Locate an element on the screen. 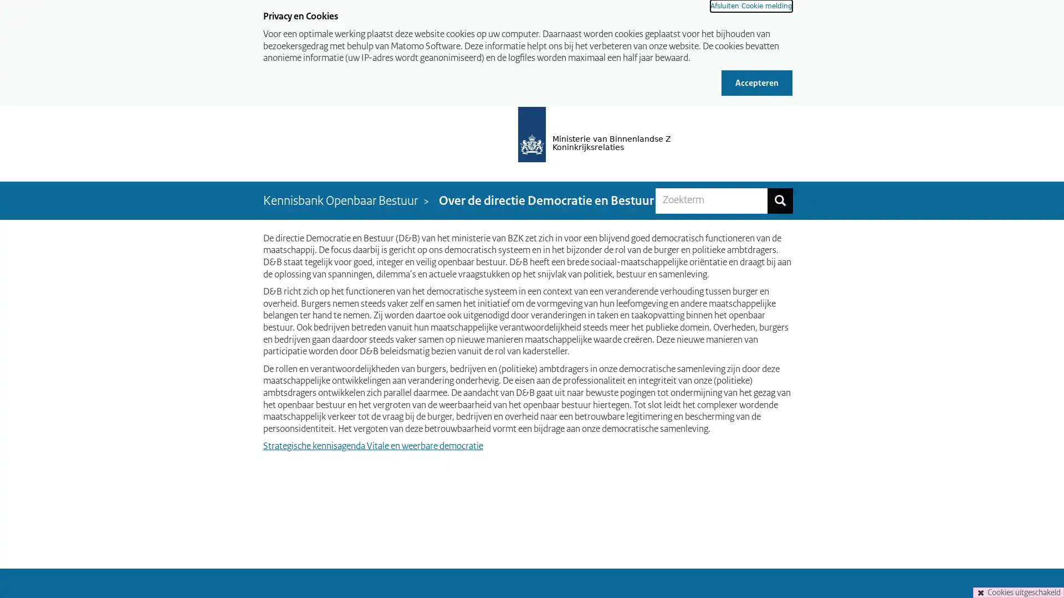 Image resolution: width=1064 pixels, height=598 pixels. Accepteren is located at coordinates (756, 82).